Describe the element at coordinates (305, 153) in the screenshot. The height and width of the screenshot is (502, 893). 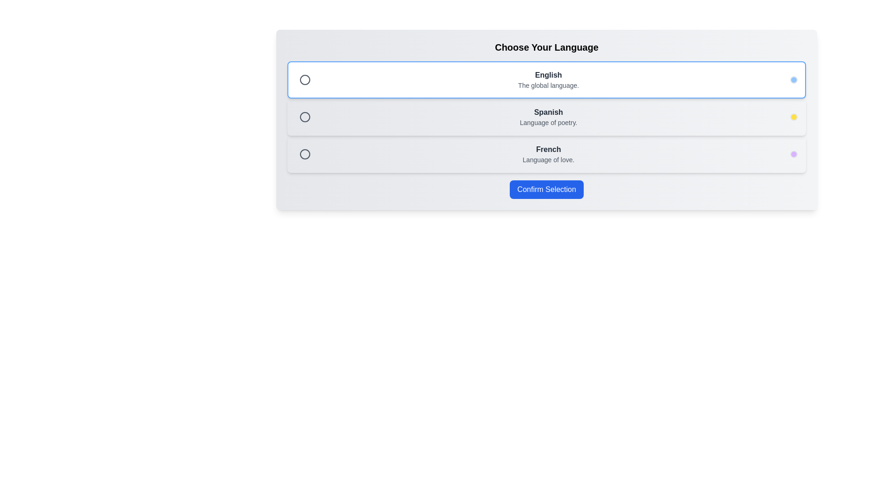
I see `the circular radio button` at that location.